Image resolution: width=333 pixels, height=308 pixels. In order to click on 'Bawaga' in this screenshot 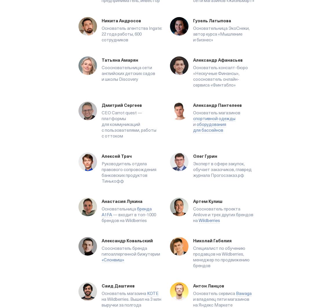, I will do `click(244, 293)`.